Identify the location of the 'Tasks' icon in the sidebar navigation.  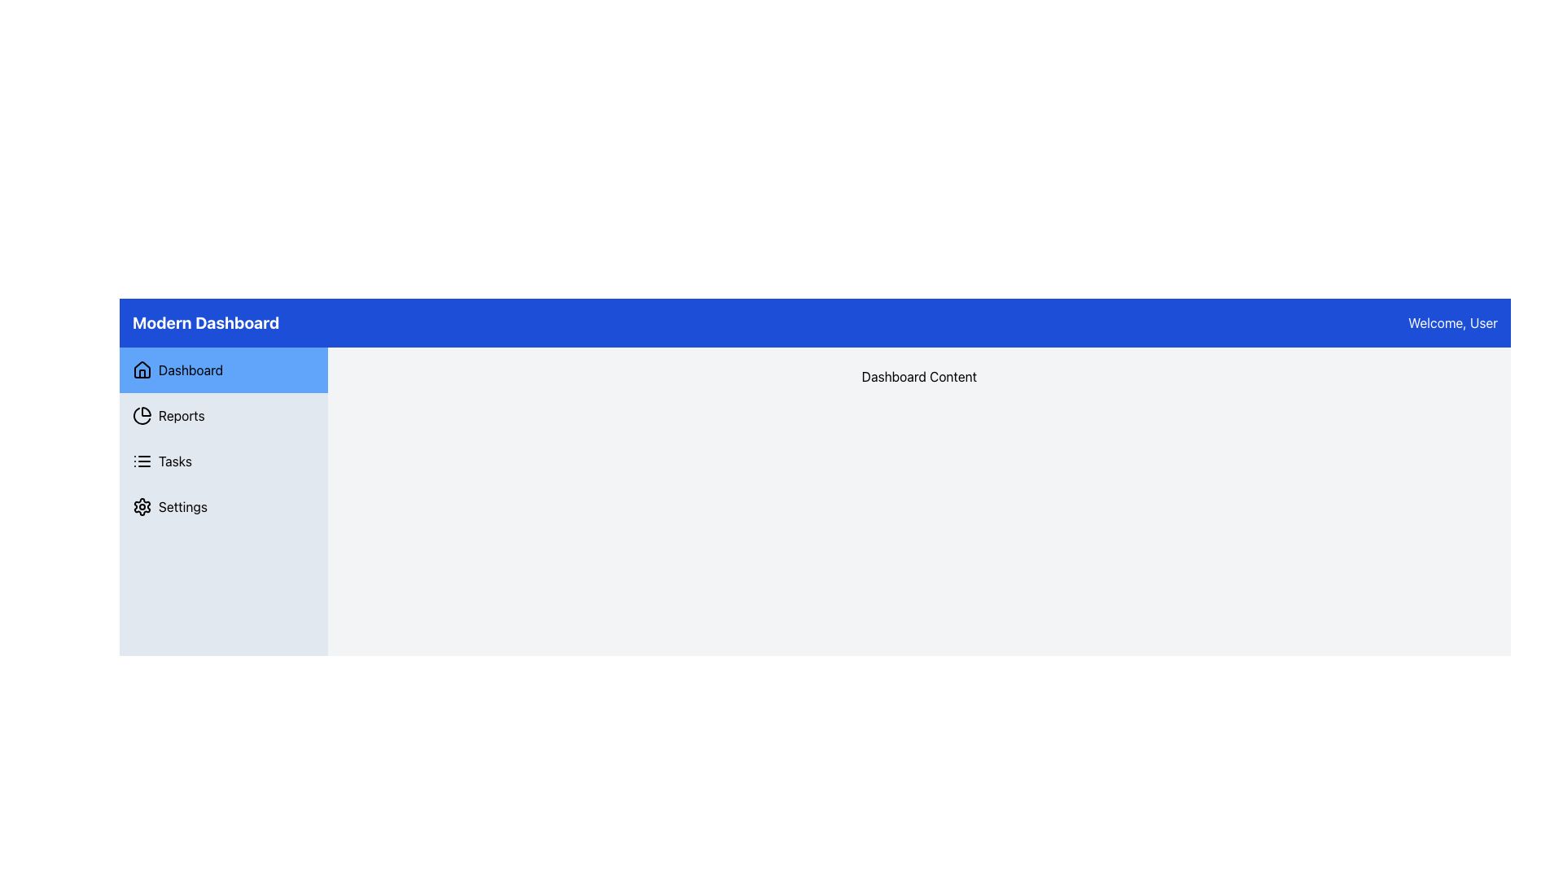
(142, 461).